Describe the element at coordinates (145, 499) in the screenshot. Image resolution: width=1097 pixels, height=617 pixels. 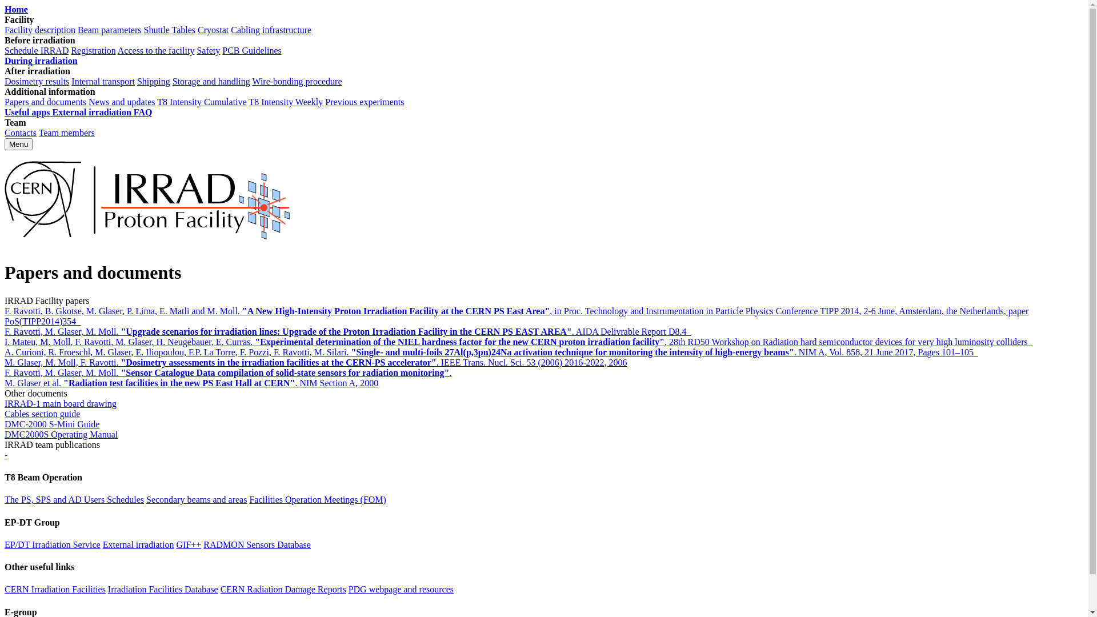
I see `'Secondary beams and areas'` at that location.